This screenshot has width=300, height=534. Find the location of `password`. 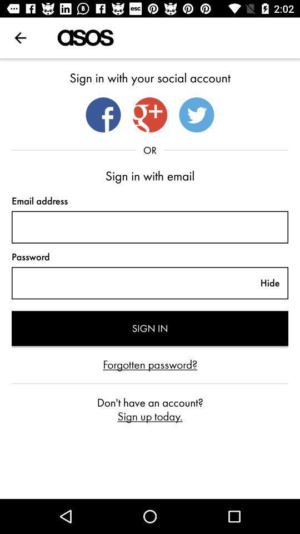

password is located at coordinates (132, 283).